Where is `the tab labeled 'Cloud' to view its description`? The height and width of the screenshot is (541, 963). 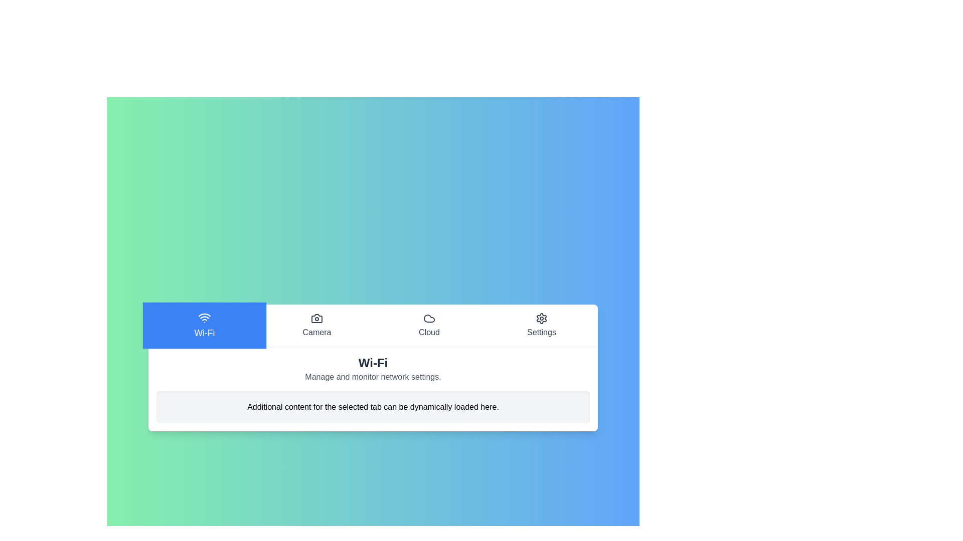 the tab labeled 'Cloud' to view its description is located at coordinates (429, 325).